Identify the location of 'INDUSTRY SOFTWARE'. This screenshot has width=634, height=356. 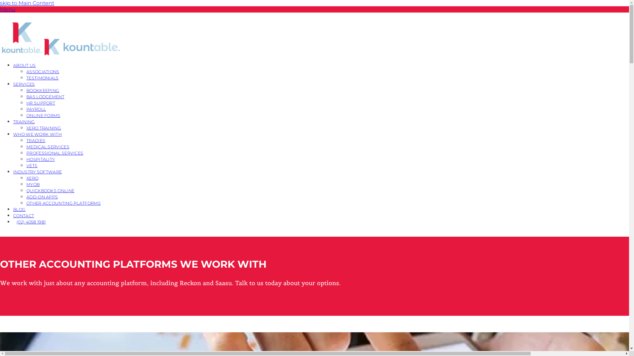
(37, 171).